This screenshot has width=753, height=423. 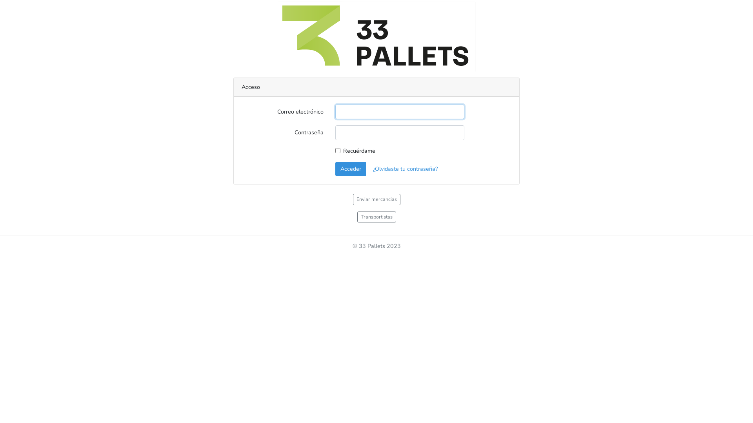 I want to click on 'Acceder', so click(x=335, y=168).